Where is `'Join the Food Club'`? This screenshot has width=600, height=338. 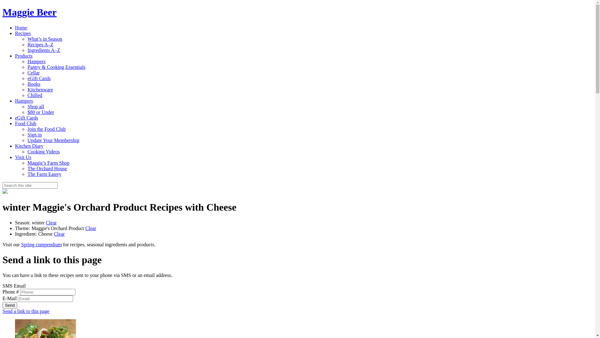 'Join the Food Club' is located at coordinates (46, 129).